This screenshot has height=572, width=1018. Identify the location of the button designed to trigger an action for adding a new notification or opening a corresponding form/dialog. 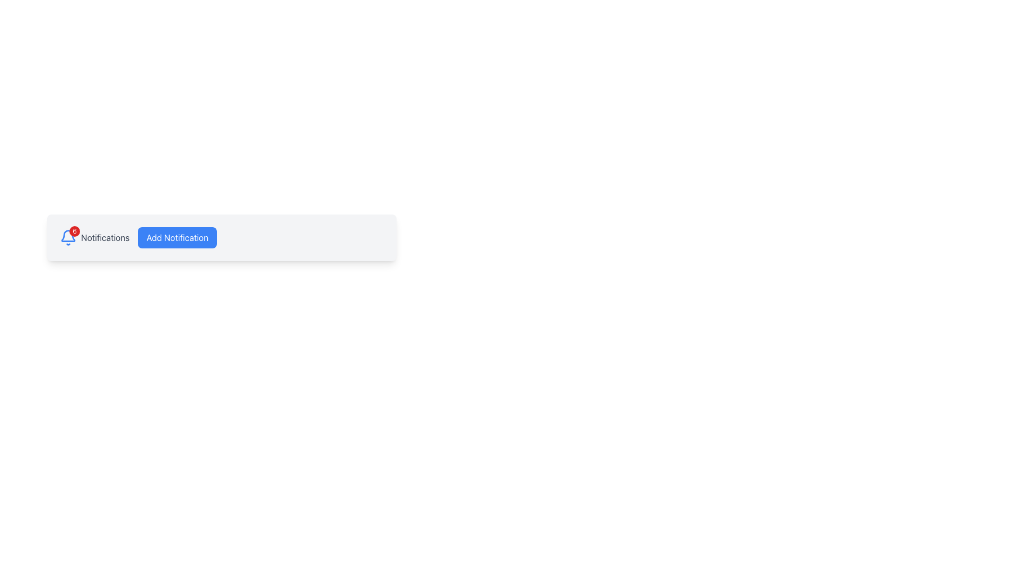
(177, 237).